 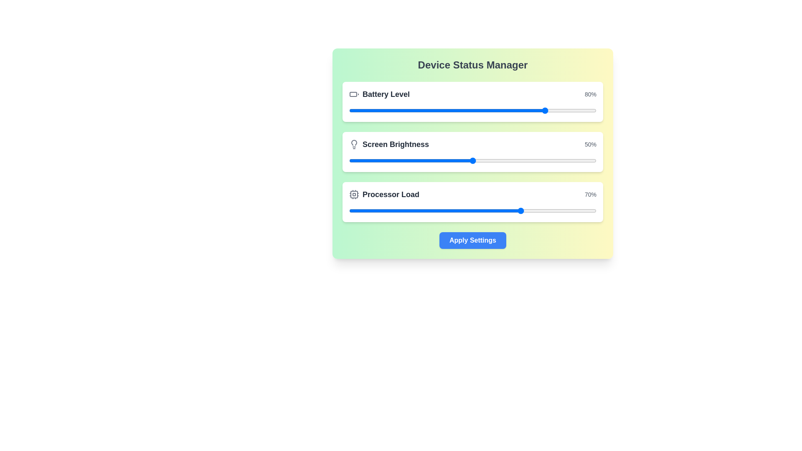 What do you see at coordinates (500, 110) in the screenshot?
I see `the battery level` at bounding box center [500, 110].